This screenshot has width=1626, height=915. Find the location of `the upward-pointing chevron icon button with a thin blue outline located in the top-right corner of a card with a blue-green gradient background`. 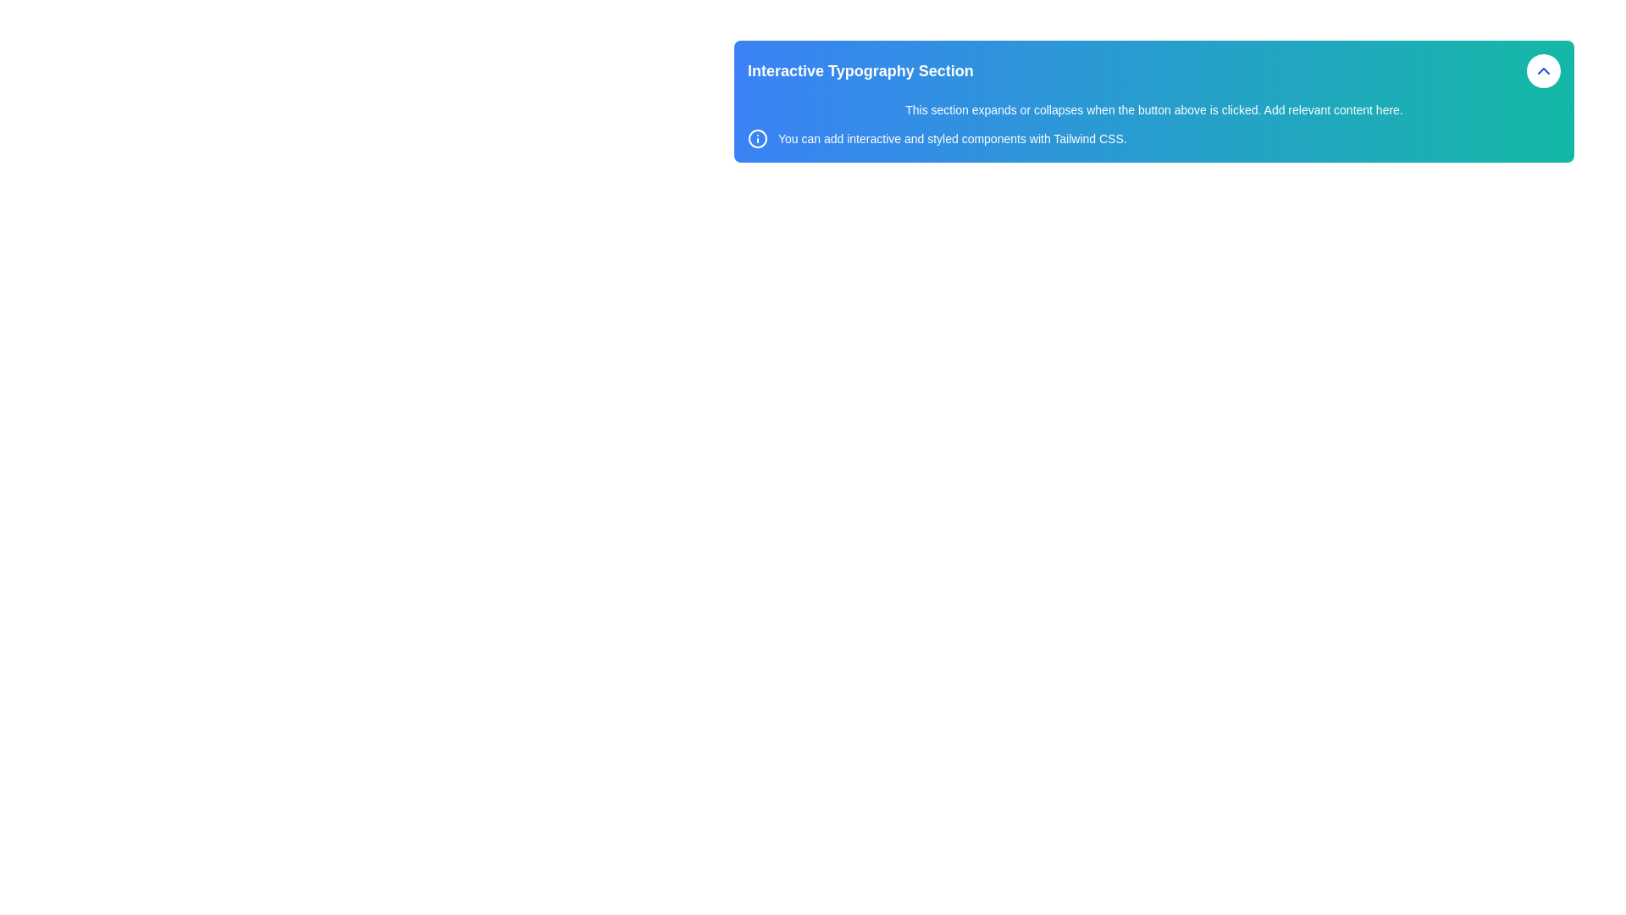

the upward-pointing chevron icon button with a thin blue outline located in the top-right corner of a card with a blue-green gradient background is located at coordinates (1544, 70).